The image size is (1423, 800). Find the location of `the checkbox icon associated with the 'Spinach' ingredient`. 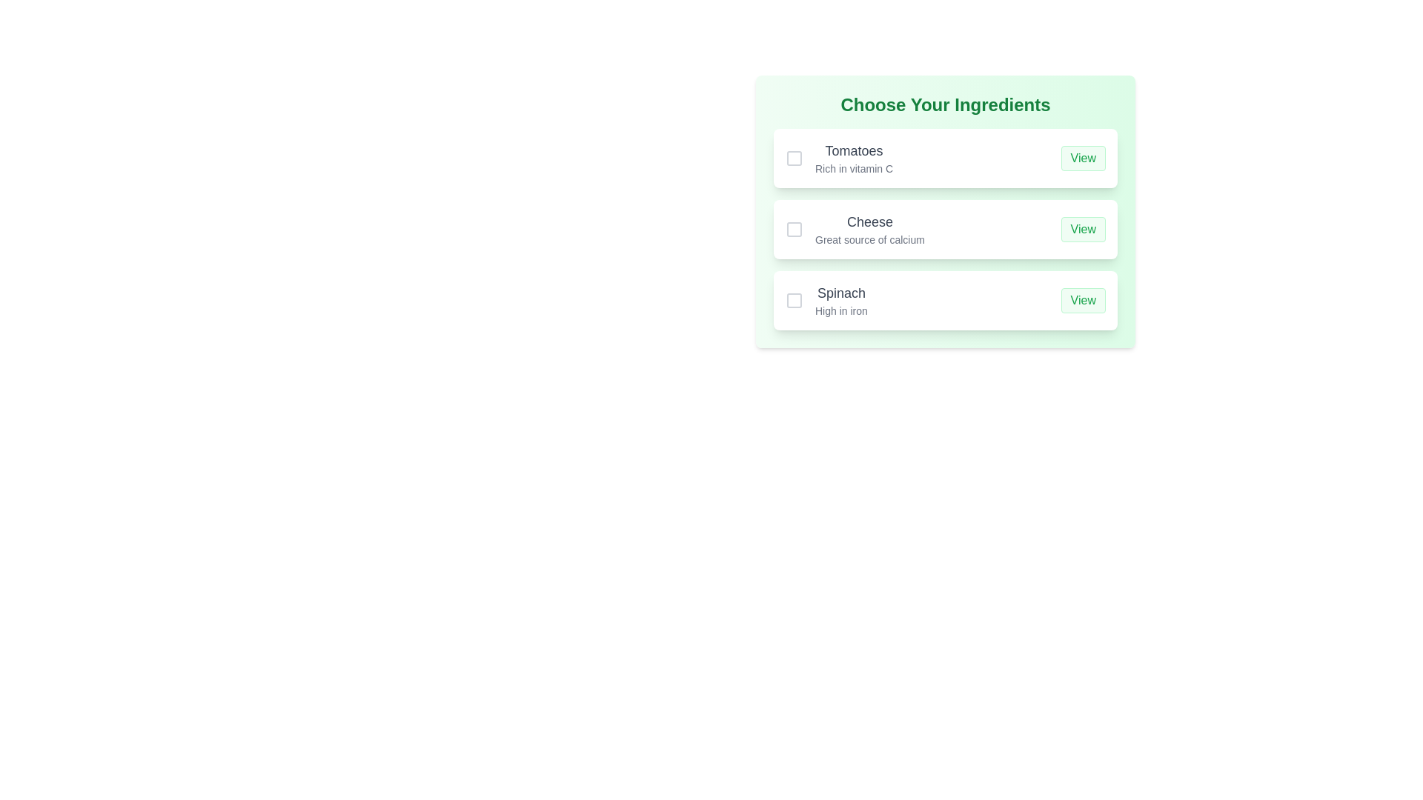

the checkbox icon associated with the 'Spinach' ingredient is located at coordinates (793, 300).